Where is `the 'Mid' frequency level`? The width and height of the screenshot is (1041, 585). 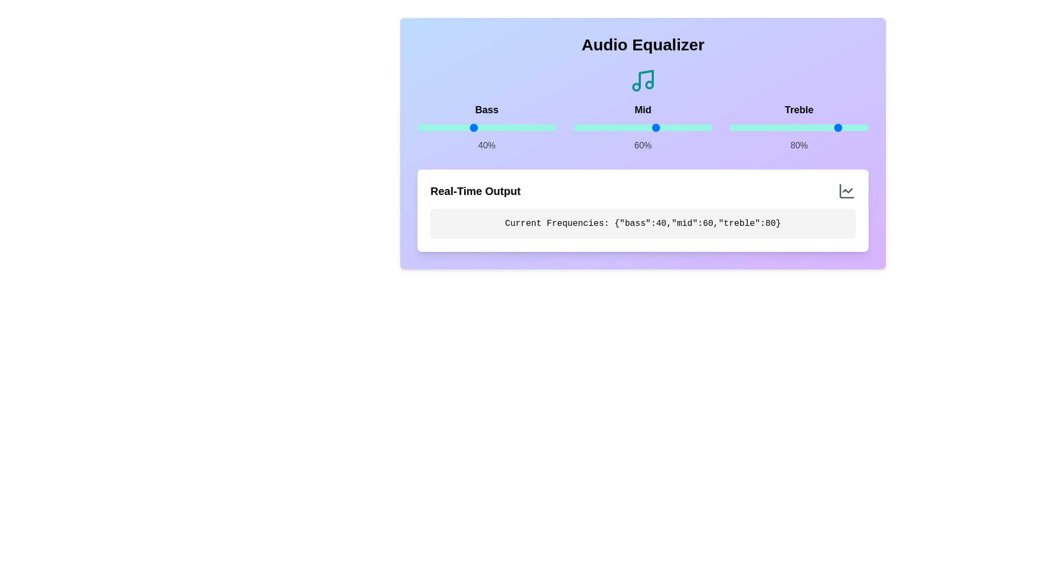
the 'Mid' frequency level is located at coordinates (584, 127).